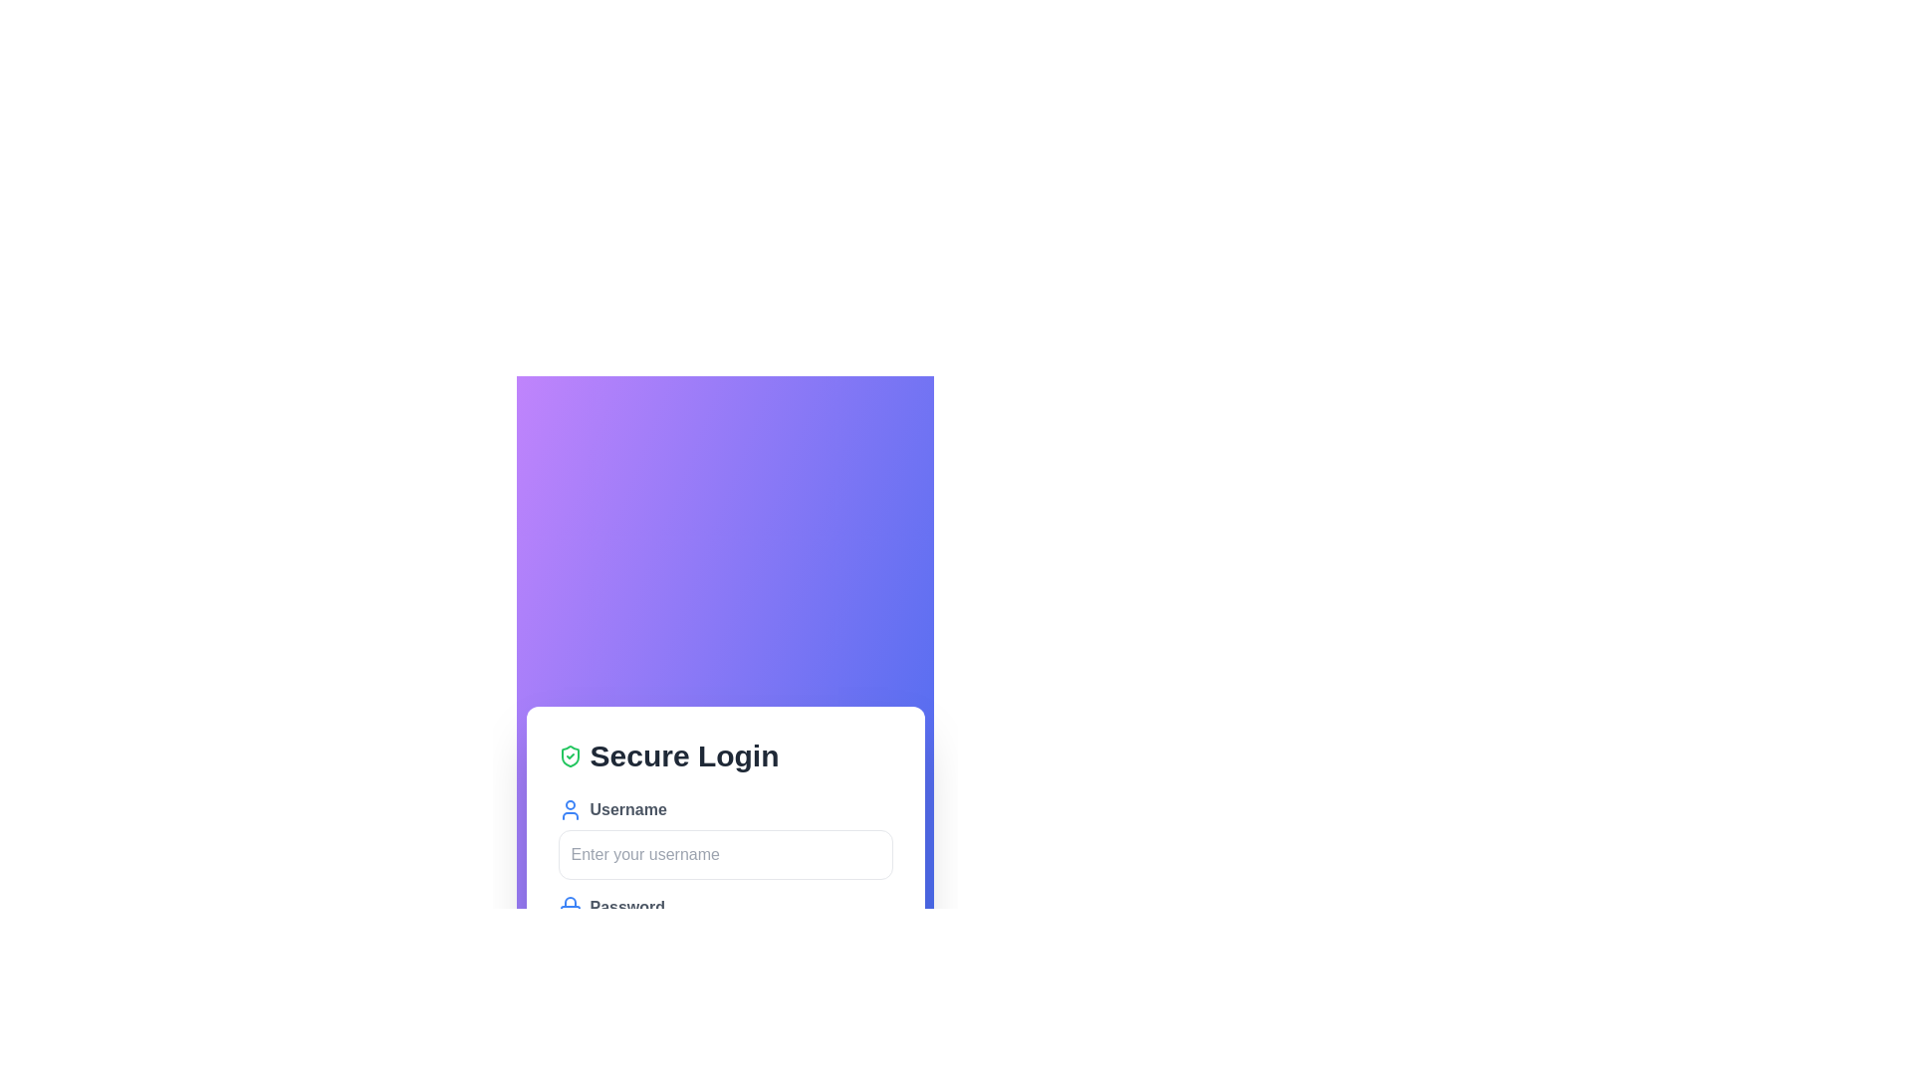 This screenshot has width=1912, height=1075. Describe the element at coordinates (569, 755) in the screenshot. I see `the green shield icon with a checkmark, which symbolizes security or validation, located to the left of the 'Secure Login' text` at that location.